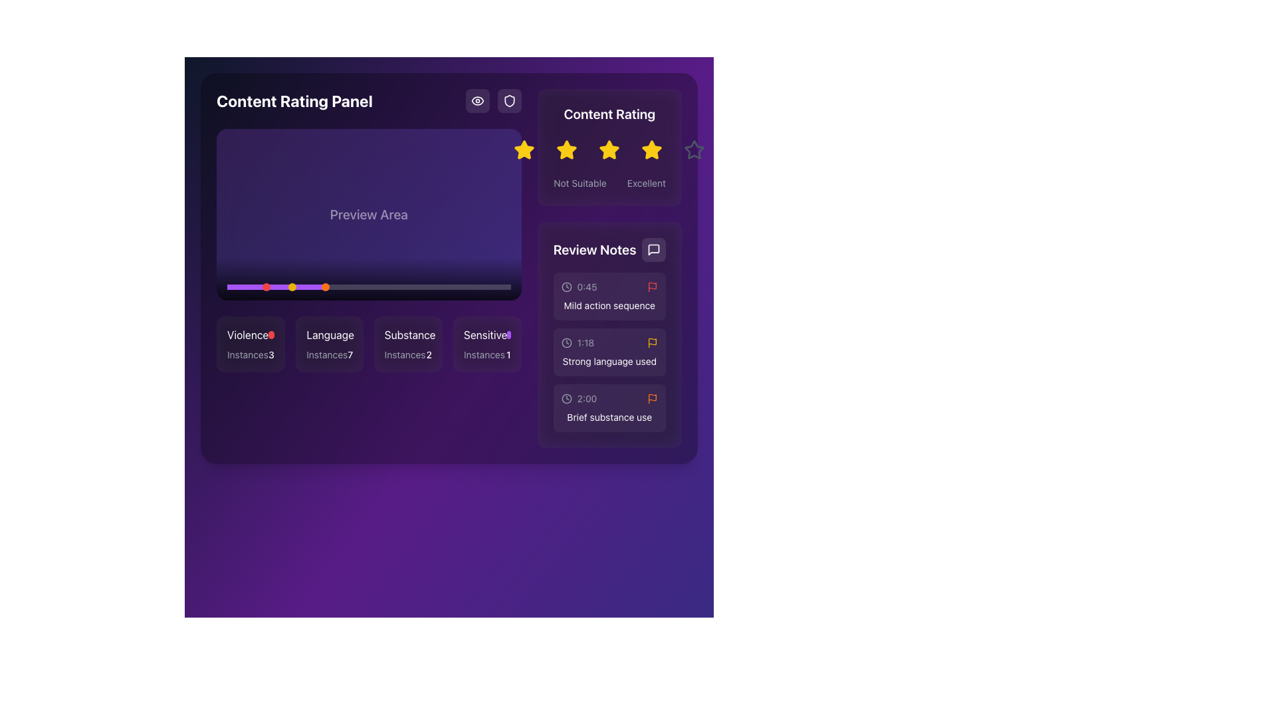  Describe the element at coordinates (407, 334) in the screenshot. I see `the text label displaying 'substance', which is styled with white text on a dark purple background and is located at the bottom center of the interface as the third item in the group` at that location.